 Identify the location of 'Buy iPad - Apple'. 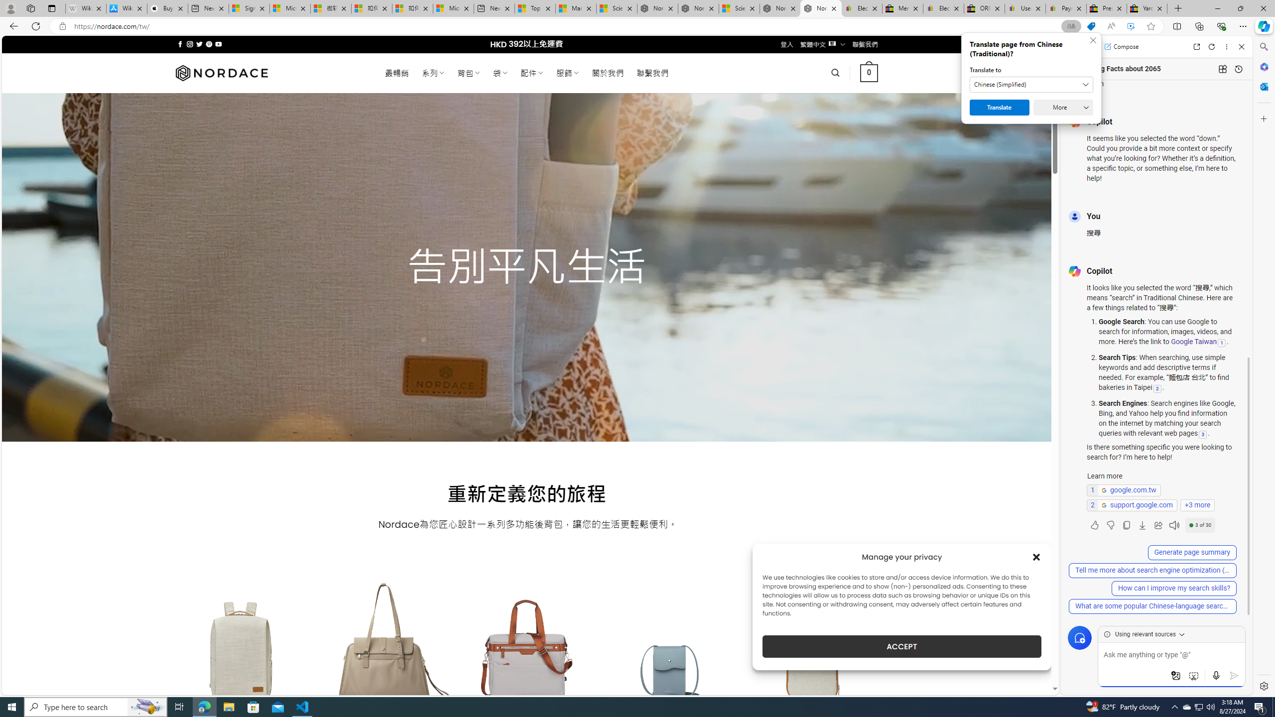
(167, 8).